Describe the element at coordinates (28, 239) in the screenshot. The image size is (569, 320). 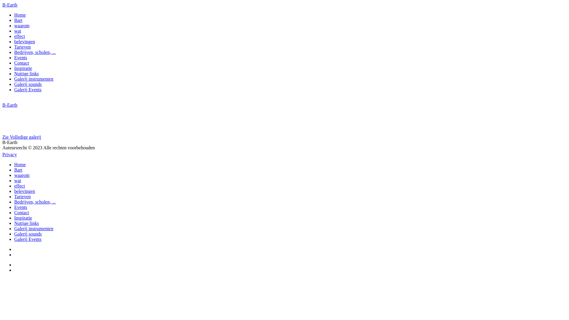
I see `'Galerij Events'` at that location.